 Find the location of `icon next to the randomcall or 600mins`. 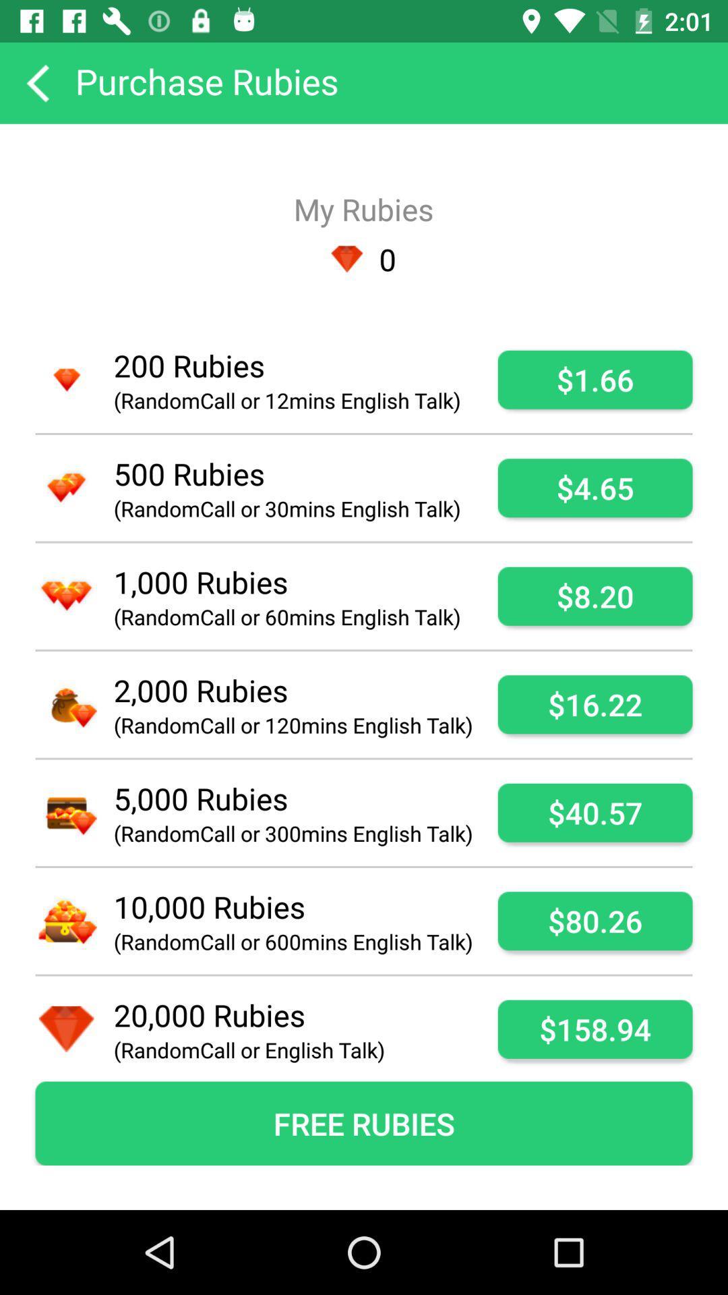

icon next to the randomcall or 600mins is located at coordinates (595, 920).